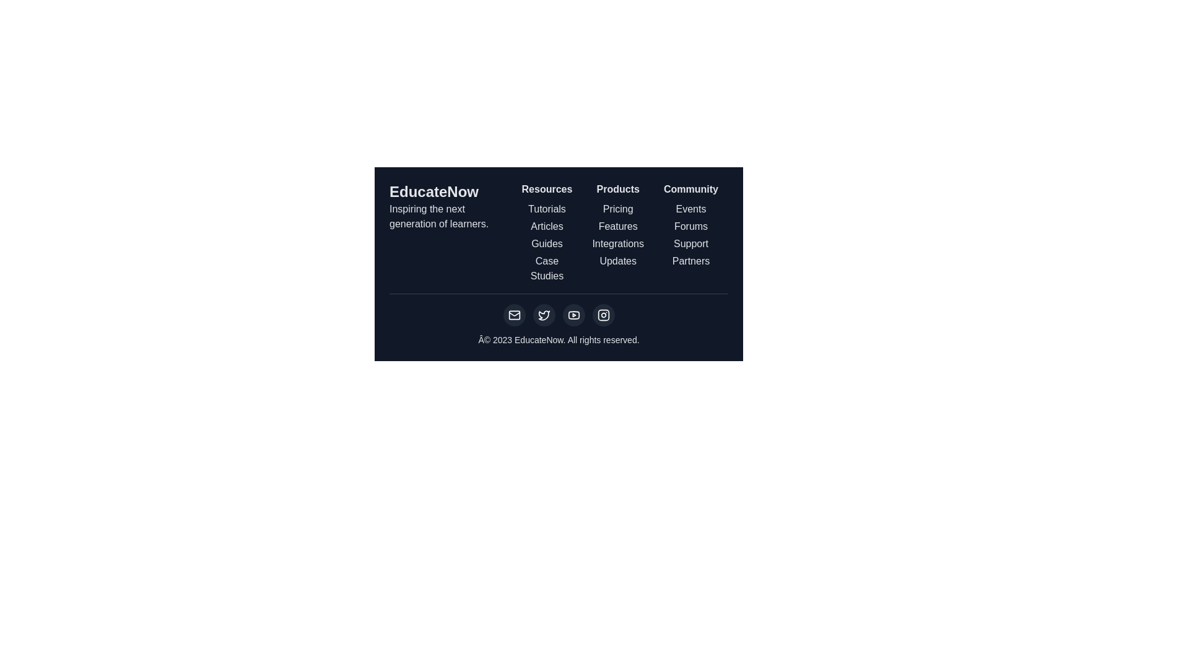 This screenshot has height=669, width=1189. I want to click on the second hyperlink in the 'Products' column, which is located below the 'Pricing' link and above 'Integrations', so click(618, 227).